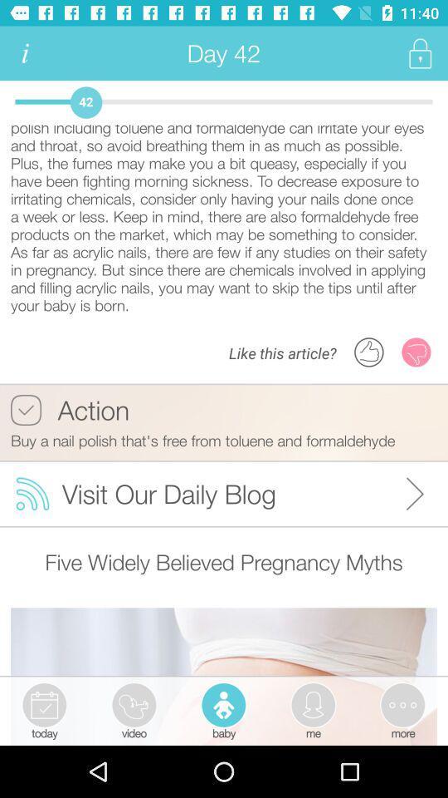 This screenshot has width=448, height=798. What do you see at coordinates (69, 409) in the screenshot?
I see `icon below the thanks to your item` at bounding box center [69, 409].